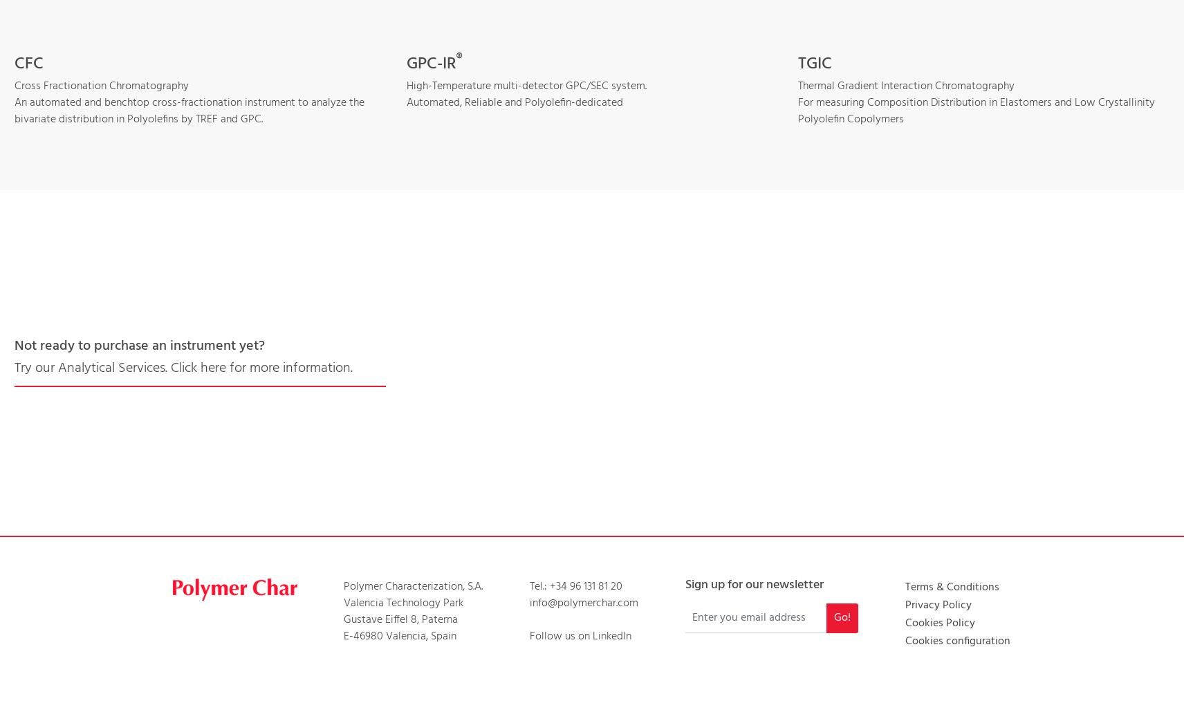 This screenshot has height=703, width=1184. What do you see at coordinates (754, 584) in the screenshot?
I see `'Sign up for our newsletter'` at bounding box center [754, 584].